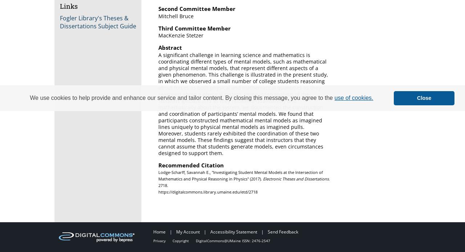 This screenshot has height=252, width=465. Describe the element at coordinates (181, 35) in the screenshot. I see `'MacKenzie Stetzer'` at that location.